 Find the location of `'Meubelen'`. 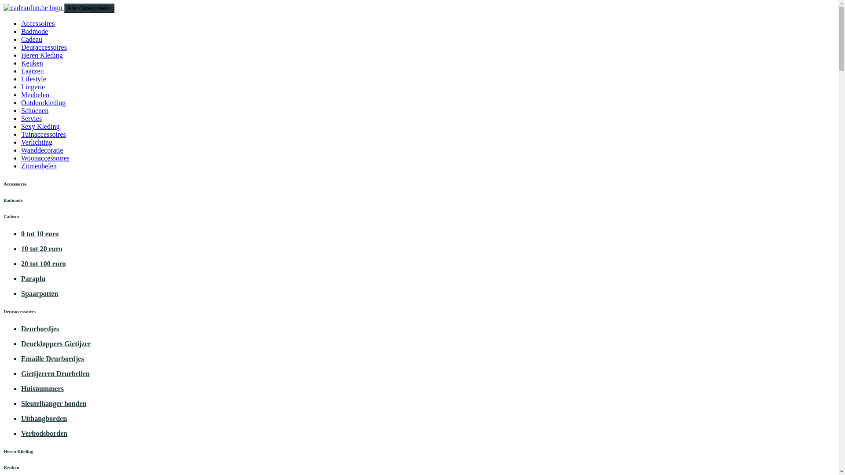

'Meubelen' is located at coordinates (21, 95).